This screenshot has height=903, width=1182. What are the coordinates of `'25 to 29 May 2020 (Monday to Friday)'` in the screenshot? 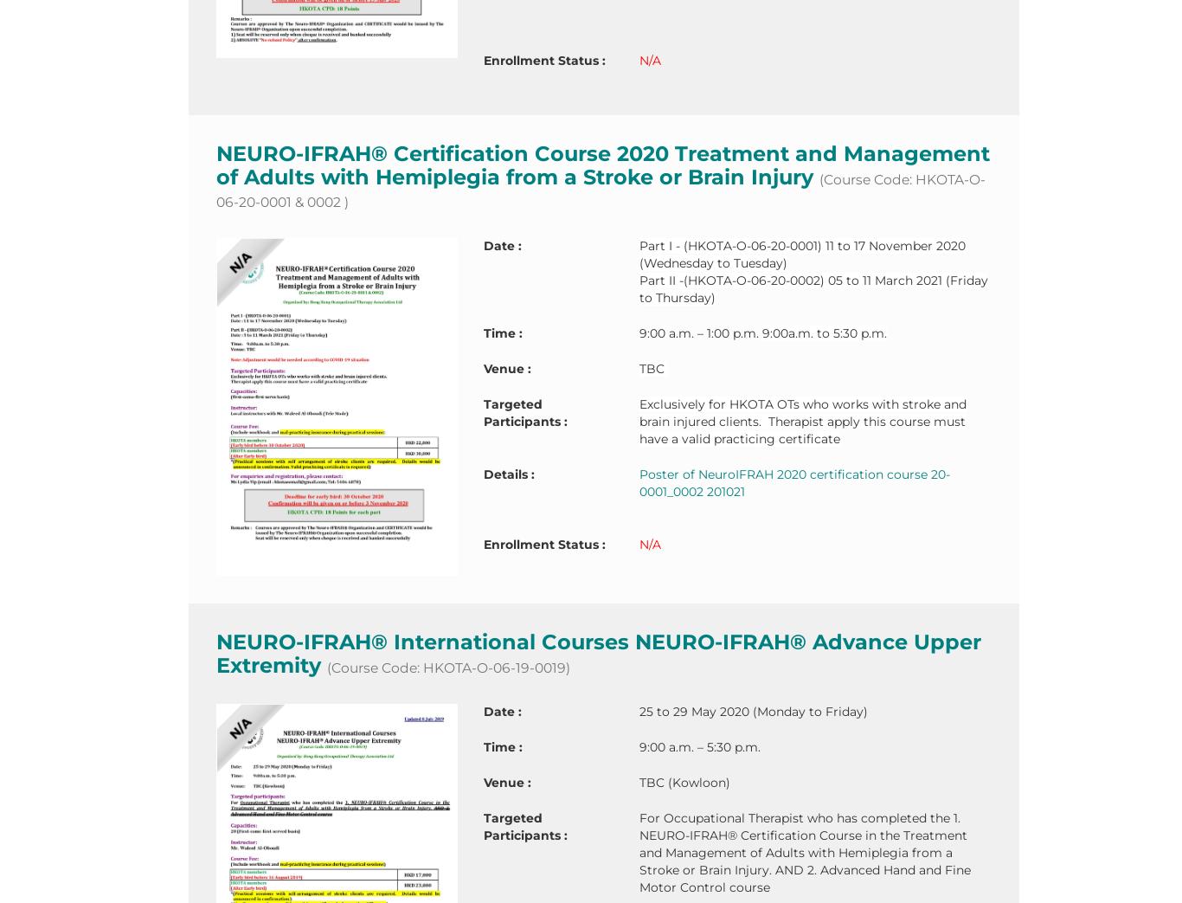 It's located at (752, 711).